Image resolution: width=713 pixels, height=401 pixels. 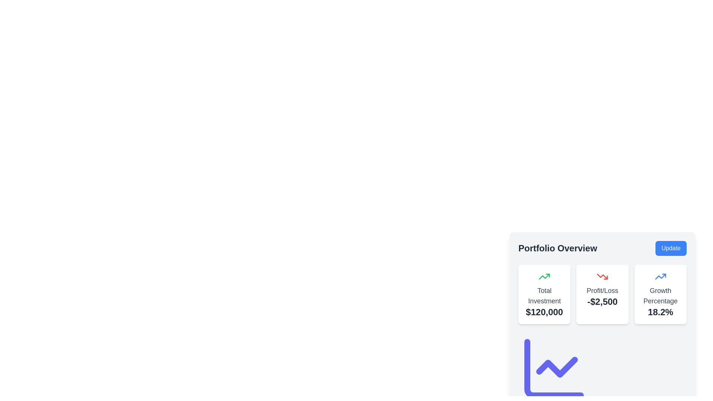 I want to click on the growth icon located in the upper-left corner of the 'Growth Percentage' card, positioned above the text 'Growth Percentage' and '18.2%', so click(x=660, y=276).